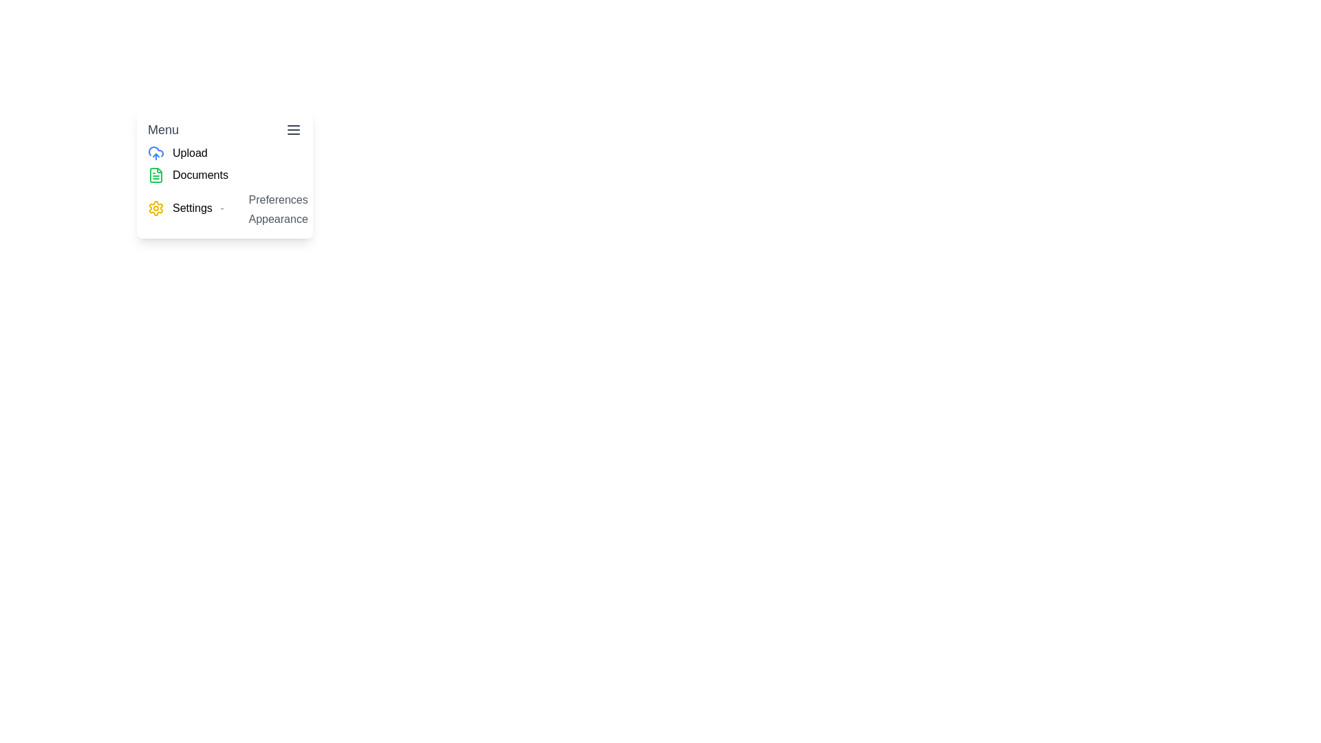 The height and width of the screenshot is (743, 1321). What do you see at coordinates (293, 130) in the screenshot?
I see `the dark gray three-line icon located at the right side of the 'Menu' text` at bounding box center [293, 130].